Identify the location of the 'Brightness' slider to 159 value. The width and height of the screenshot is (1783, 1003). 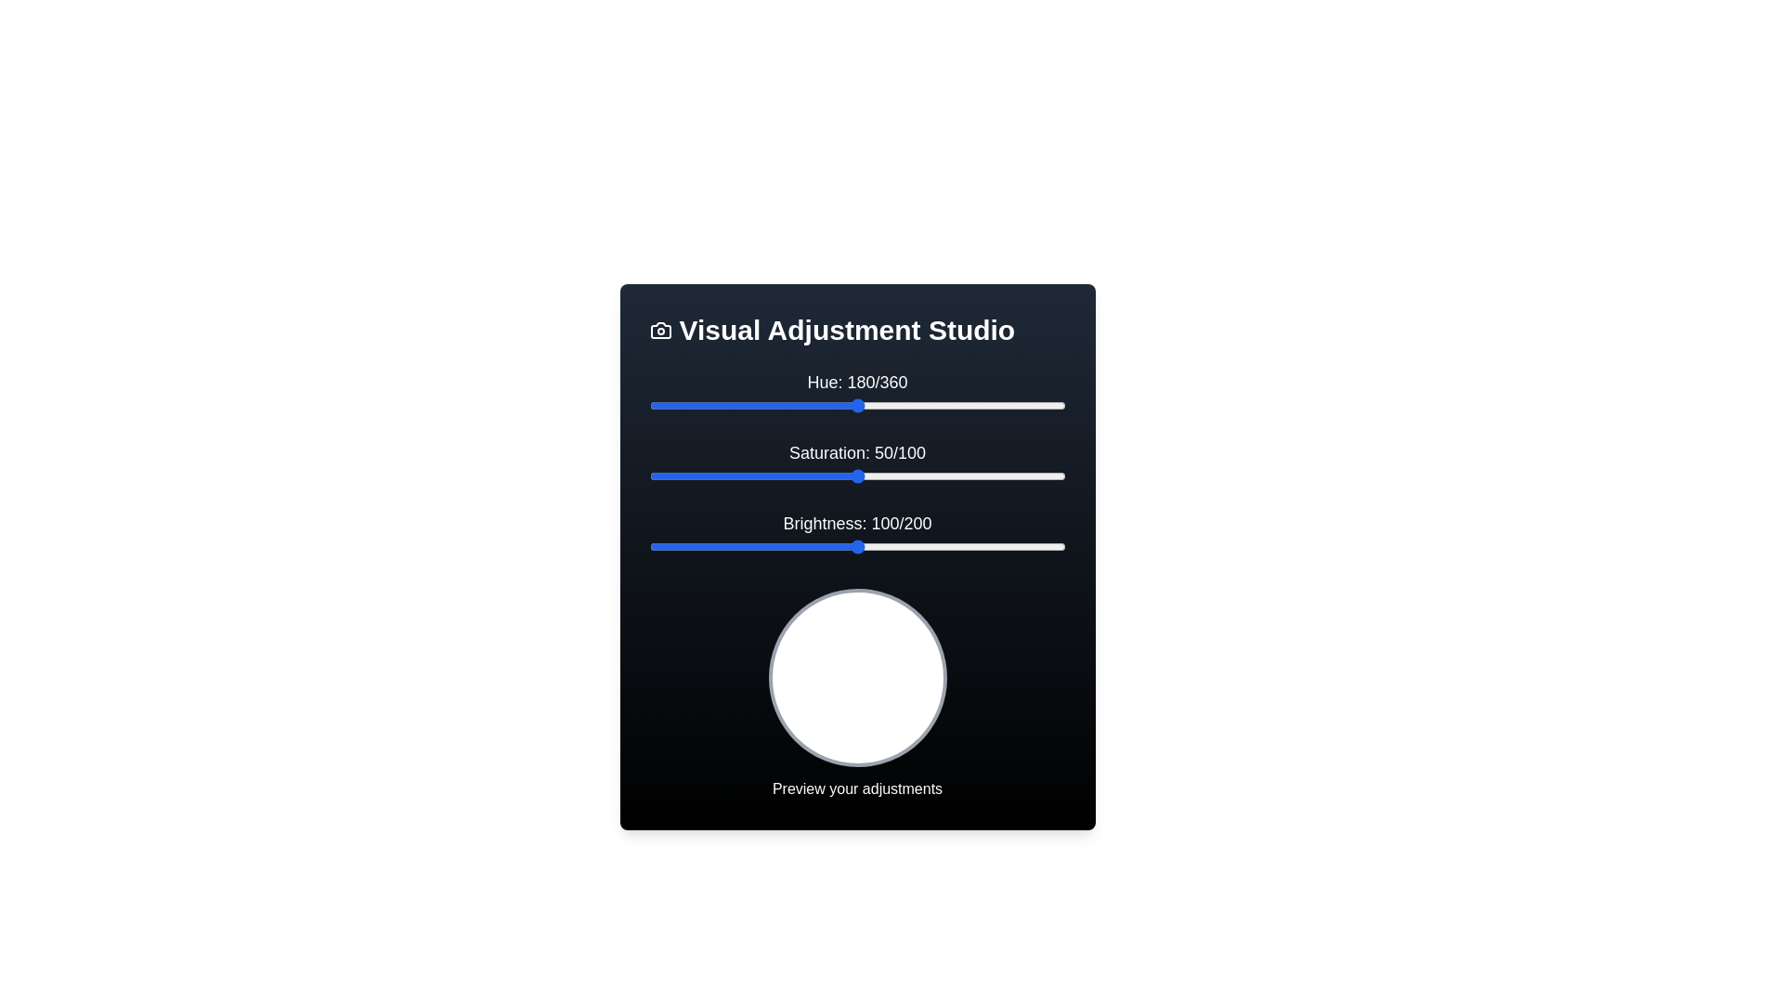
(979, 546).